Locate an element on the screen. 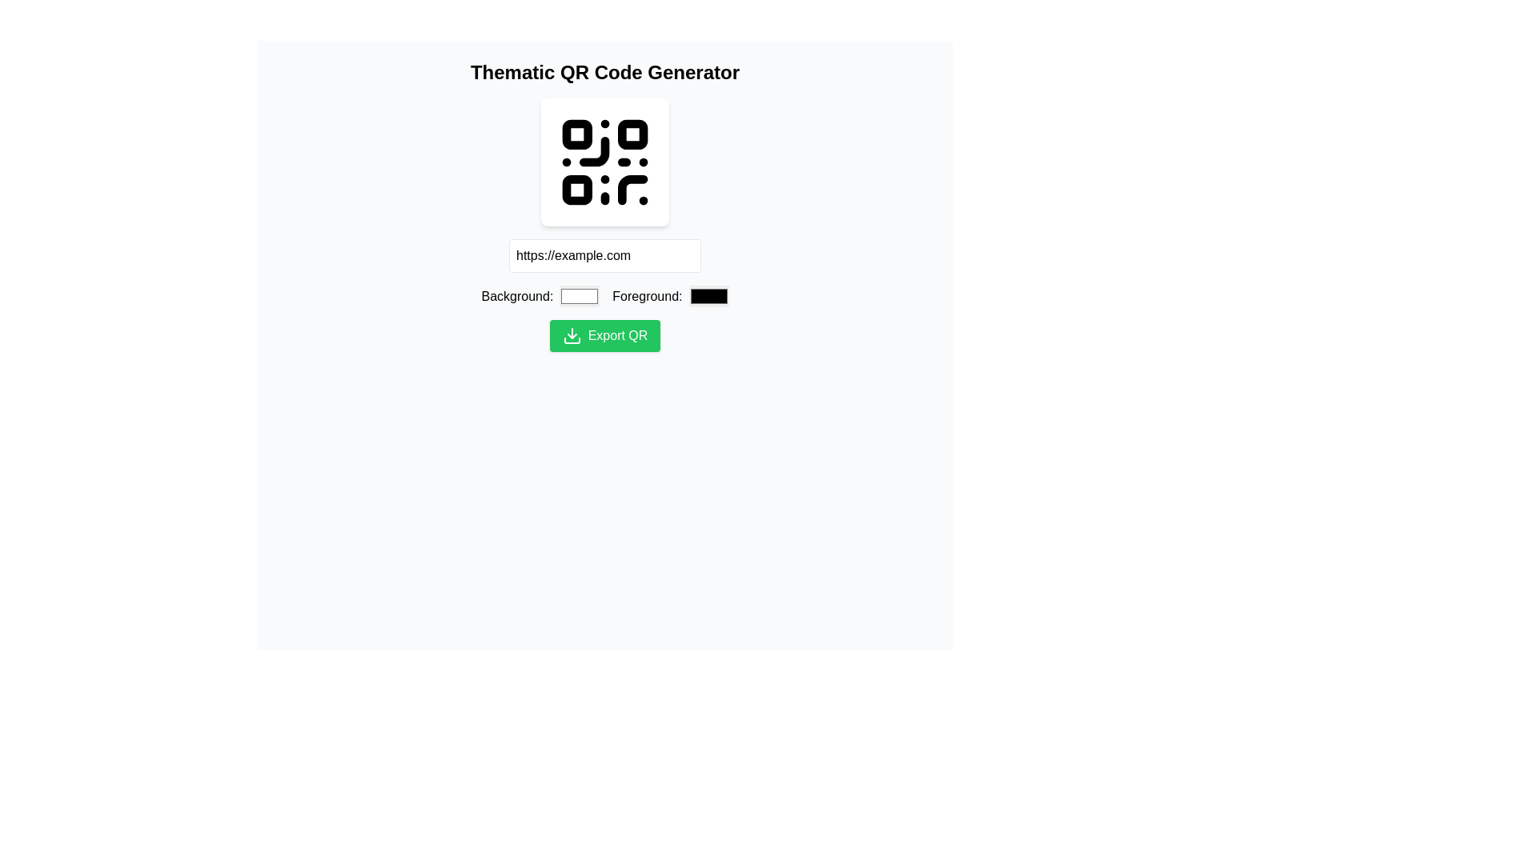 The height and width of the screenshot is (864, 1537). the text input field with rounded corners that has a placeholder 'Enter URL' is located at coordinates (604, 255).